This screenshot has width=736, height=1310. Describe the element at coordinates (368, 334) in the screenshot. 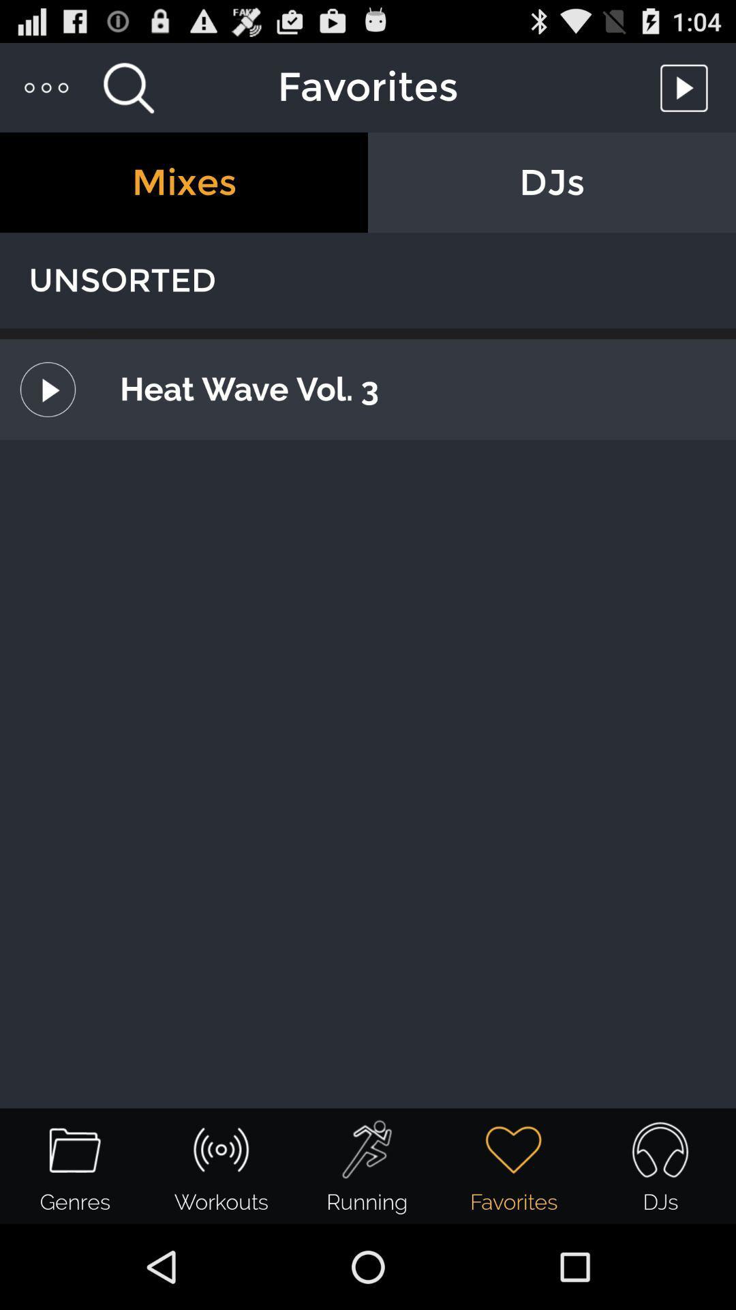

I see `the item below the unsorted` at that location.